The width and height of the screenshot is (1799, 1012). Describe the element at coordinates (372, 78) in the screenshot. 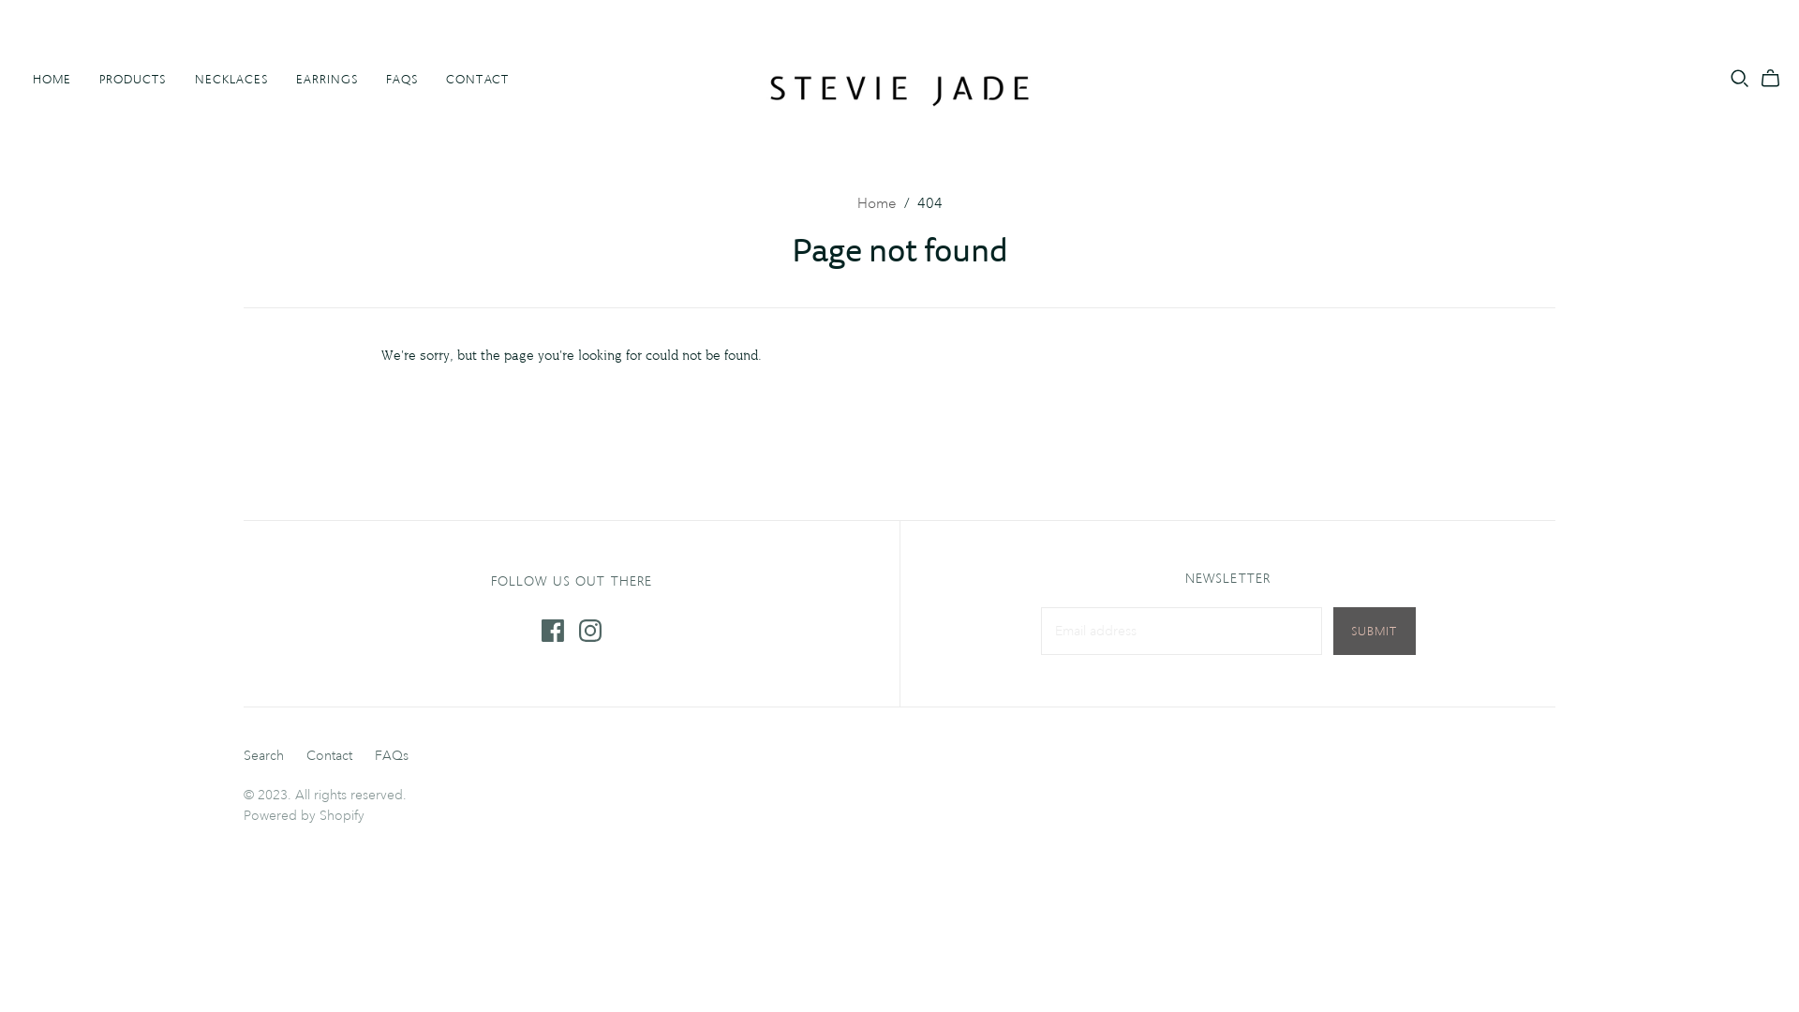

I see `'FAQS'` at that location.